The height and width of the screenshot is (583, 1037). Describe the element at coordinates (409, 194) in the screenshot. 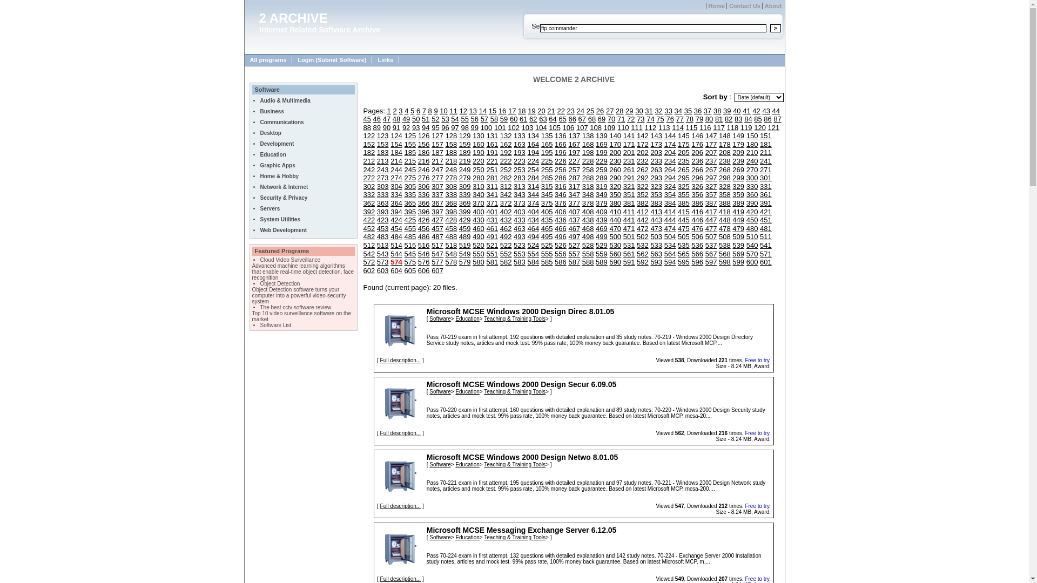

I see `'335'` at that location.